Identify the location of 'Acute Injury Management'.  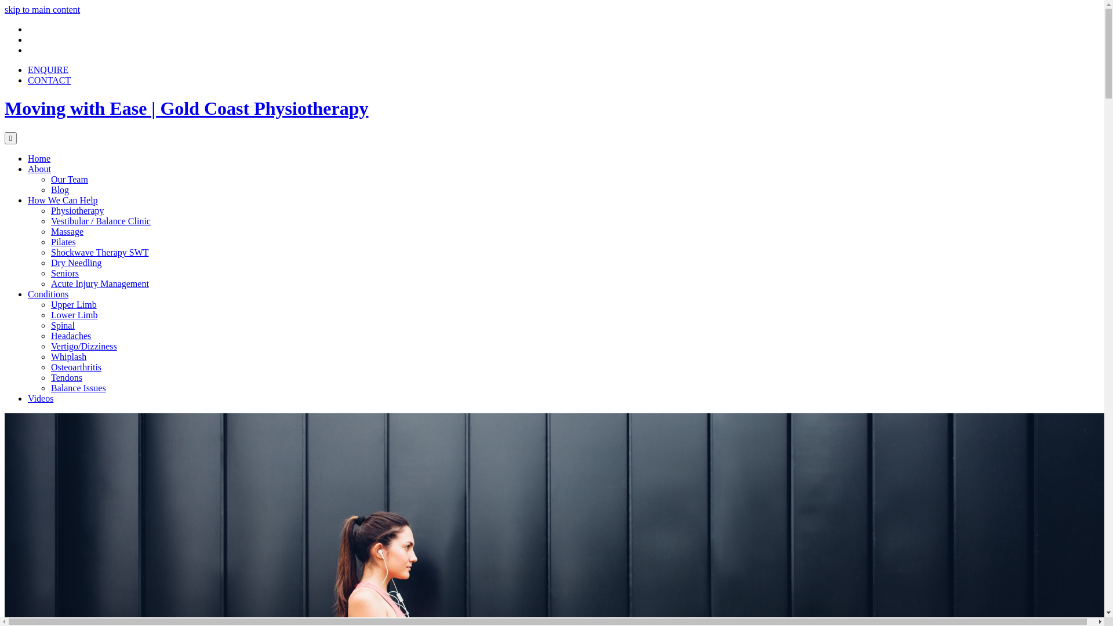
(100, 283).